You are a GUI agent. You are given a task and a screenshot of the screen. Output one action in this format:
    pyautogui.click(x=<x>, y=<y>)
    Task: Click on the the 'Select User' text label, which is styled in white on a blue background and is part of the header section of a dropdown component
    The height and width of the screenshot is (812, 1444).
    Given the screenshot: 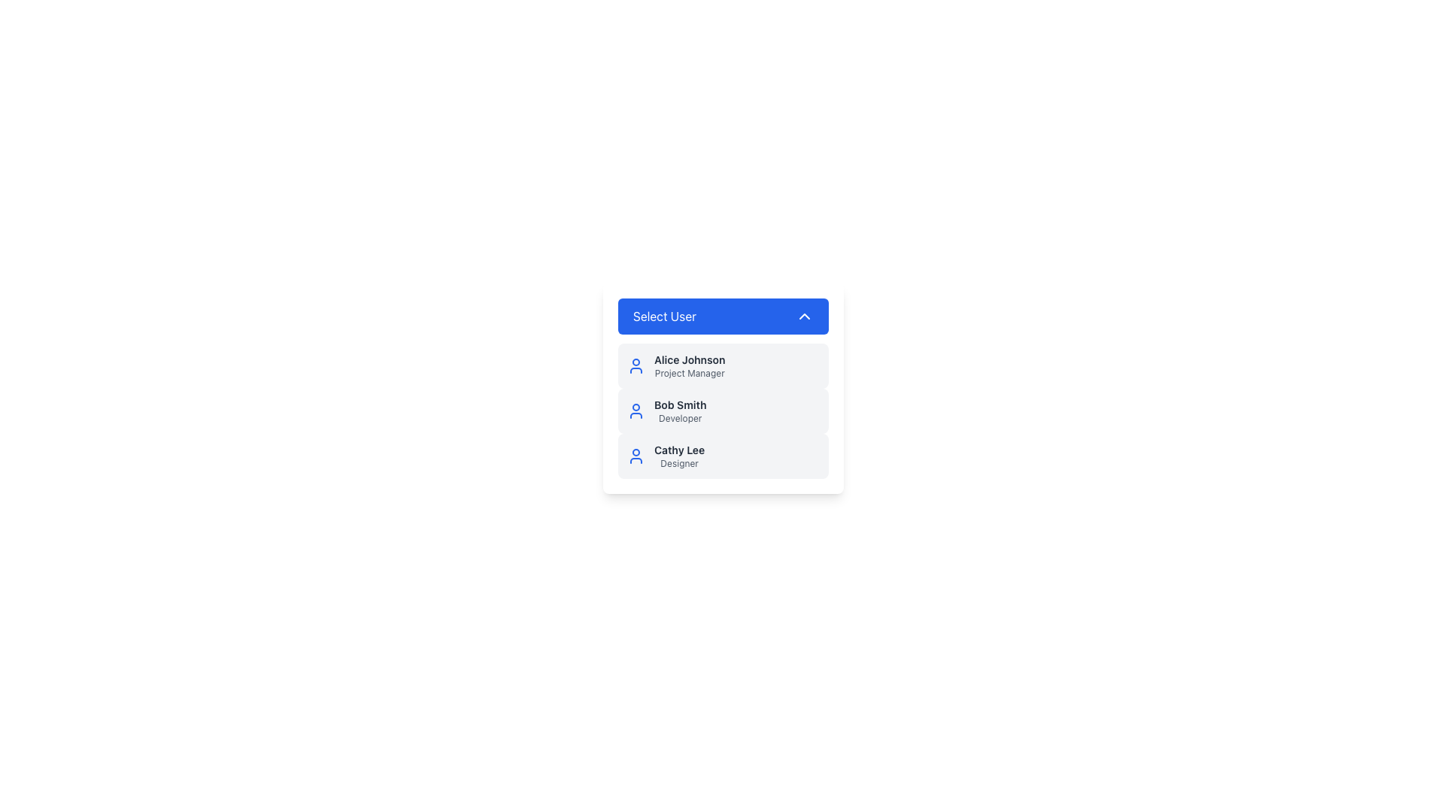 What is the action you would take?
    pyautogui.click(x=663, y=315)
    